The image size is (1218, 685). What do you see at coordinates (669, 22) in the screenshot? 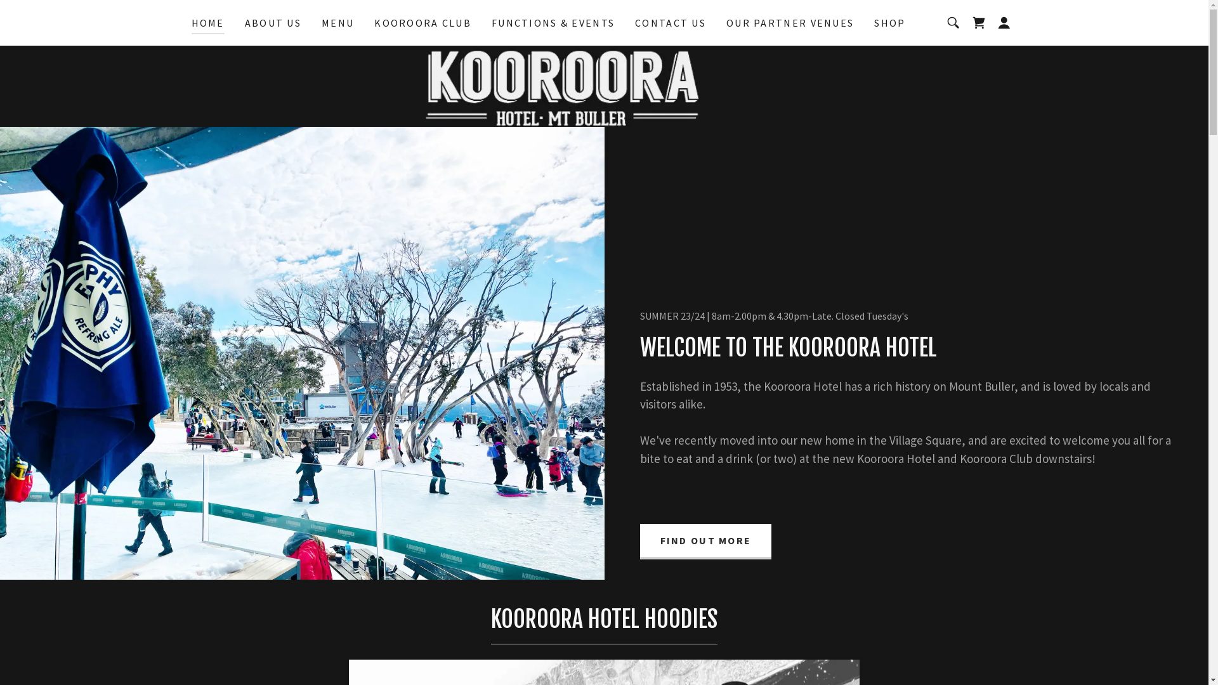
I see `'CONTACT US'` at bounding box center [669, 22].